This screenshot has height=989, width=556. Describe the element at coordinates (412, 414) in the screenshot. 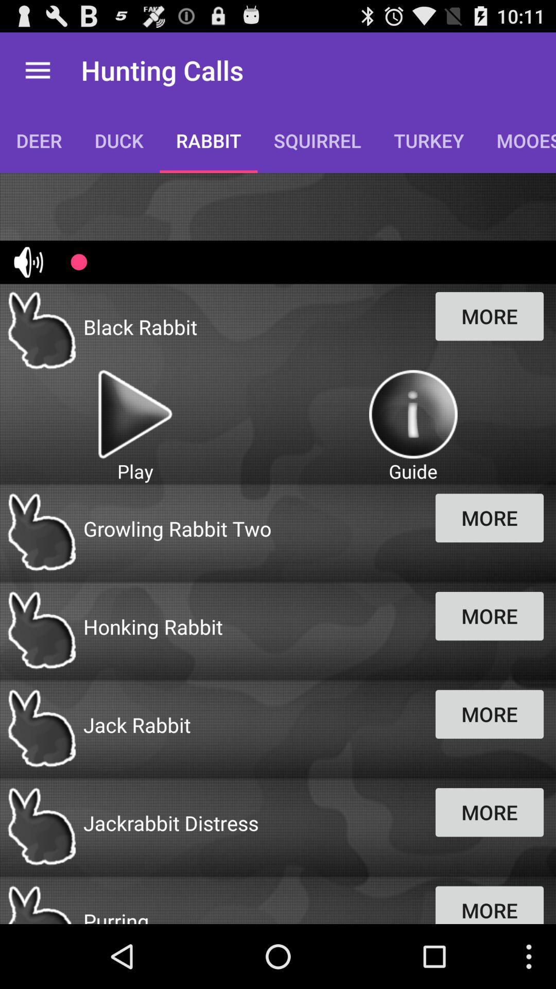

I see `it is a good app` at that location.